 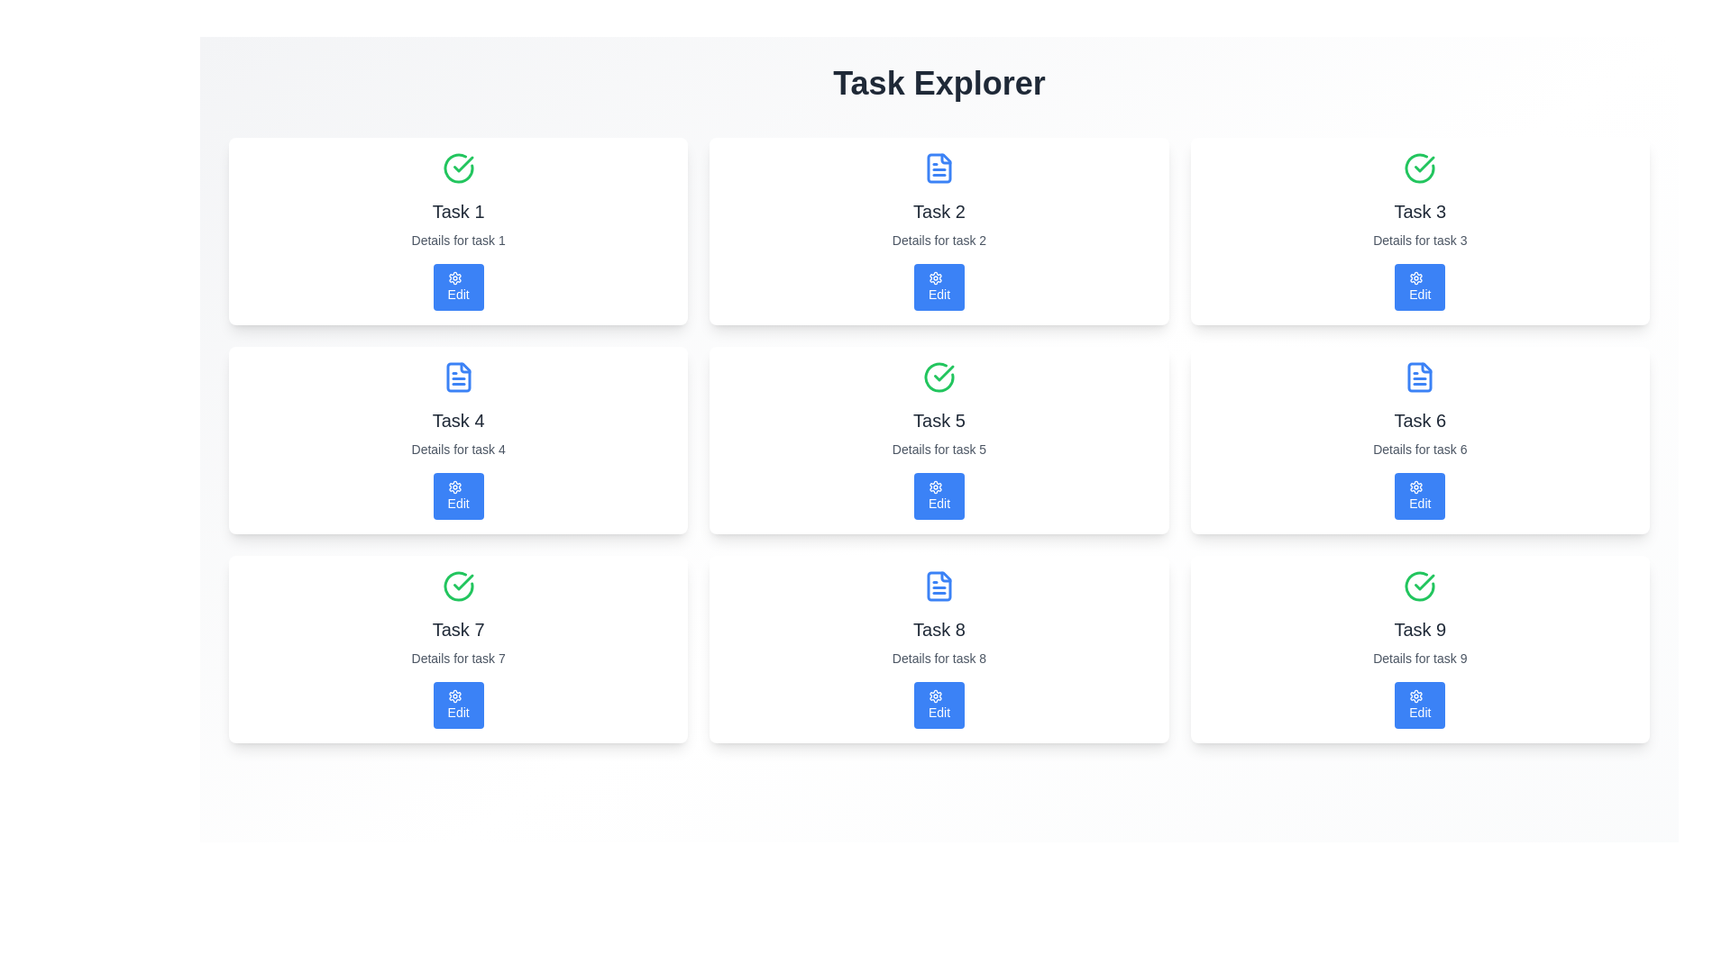 What do you see at coordinates (458, 587) in the screenshot?
I see `the circular icon with a green border and checkmark symbol, located above the 'Task 7' card in the third row, first column of the task grid` at bounding box center [458, 587].